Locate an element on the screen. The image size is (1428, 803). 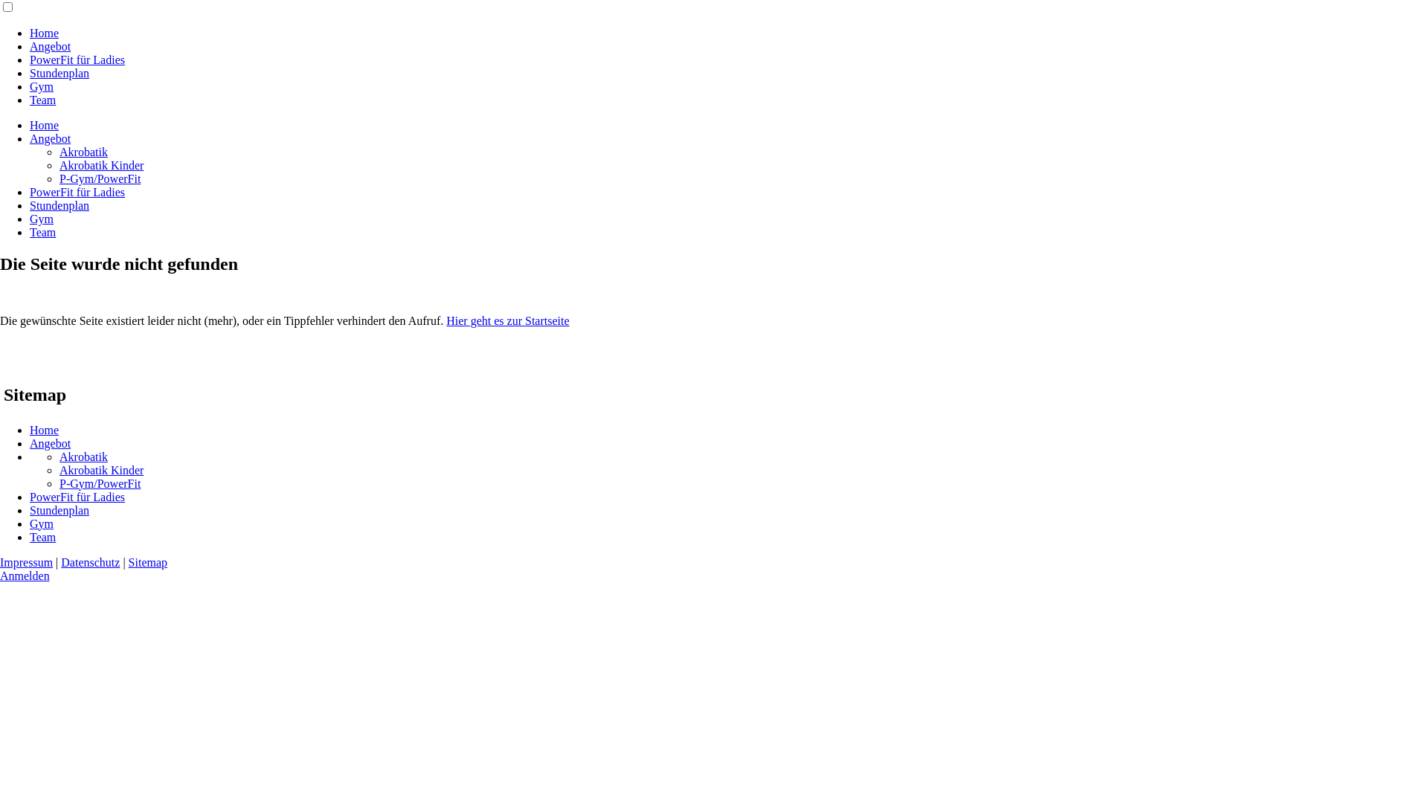
'P-Gym/PowerFit' is located at coordinates (99, 483).